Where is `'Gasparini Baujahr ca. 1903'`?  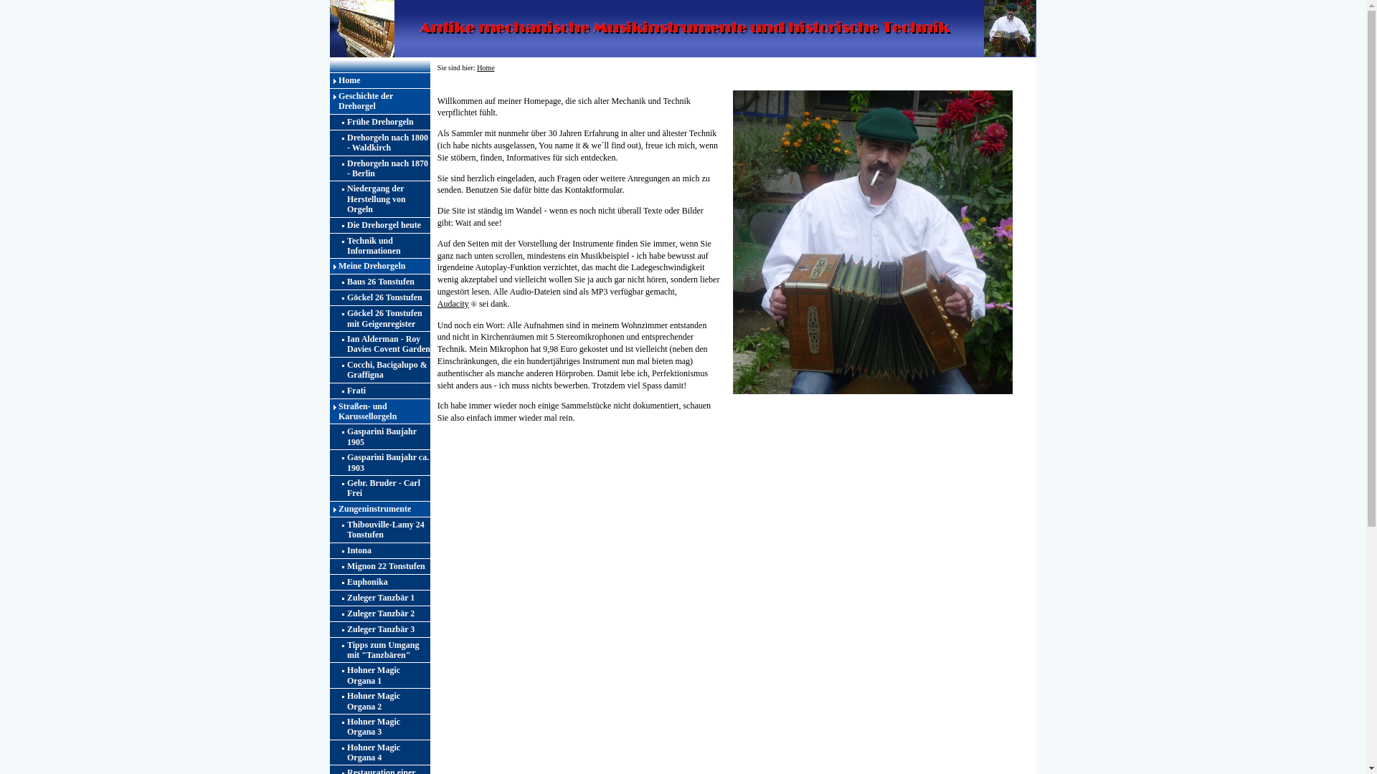
'Gasparini Baujahr ca. 1903' is located at coordinates (379, 462).